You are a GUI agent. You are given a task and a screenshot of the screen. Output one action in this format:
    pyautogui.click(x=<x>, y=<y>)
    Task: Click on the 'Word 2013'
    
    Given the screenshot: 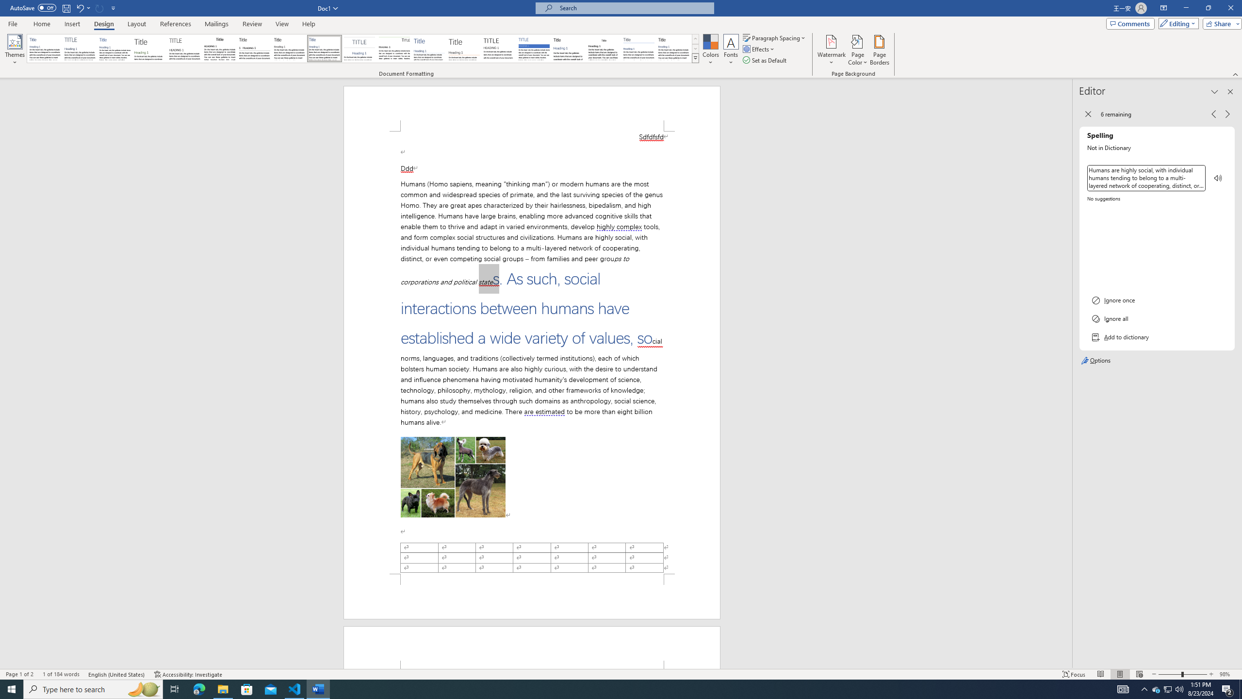 What is the action you would take?
    pyautogui.click(x=674, y=48)
    